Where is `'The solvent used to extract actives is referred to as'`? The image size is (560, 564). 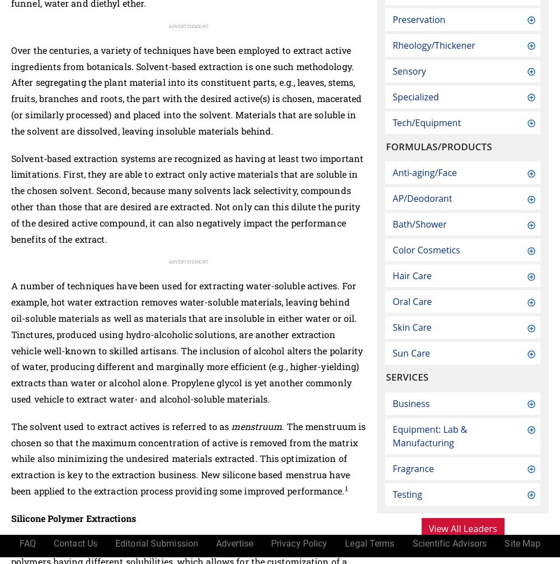
'The solvent used to extract actives is referred to as' is located at coordinates (120, 425).